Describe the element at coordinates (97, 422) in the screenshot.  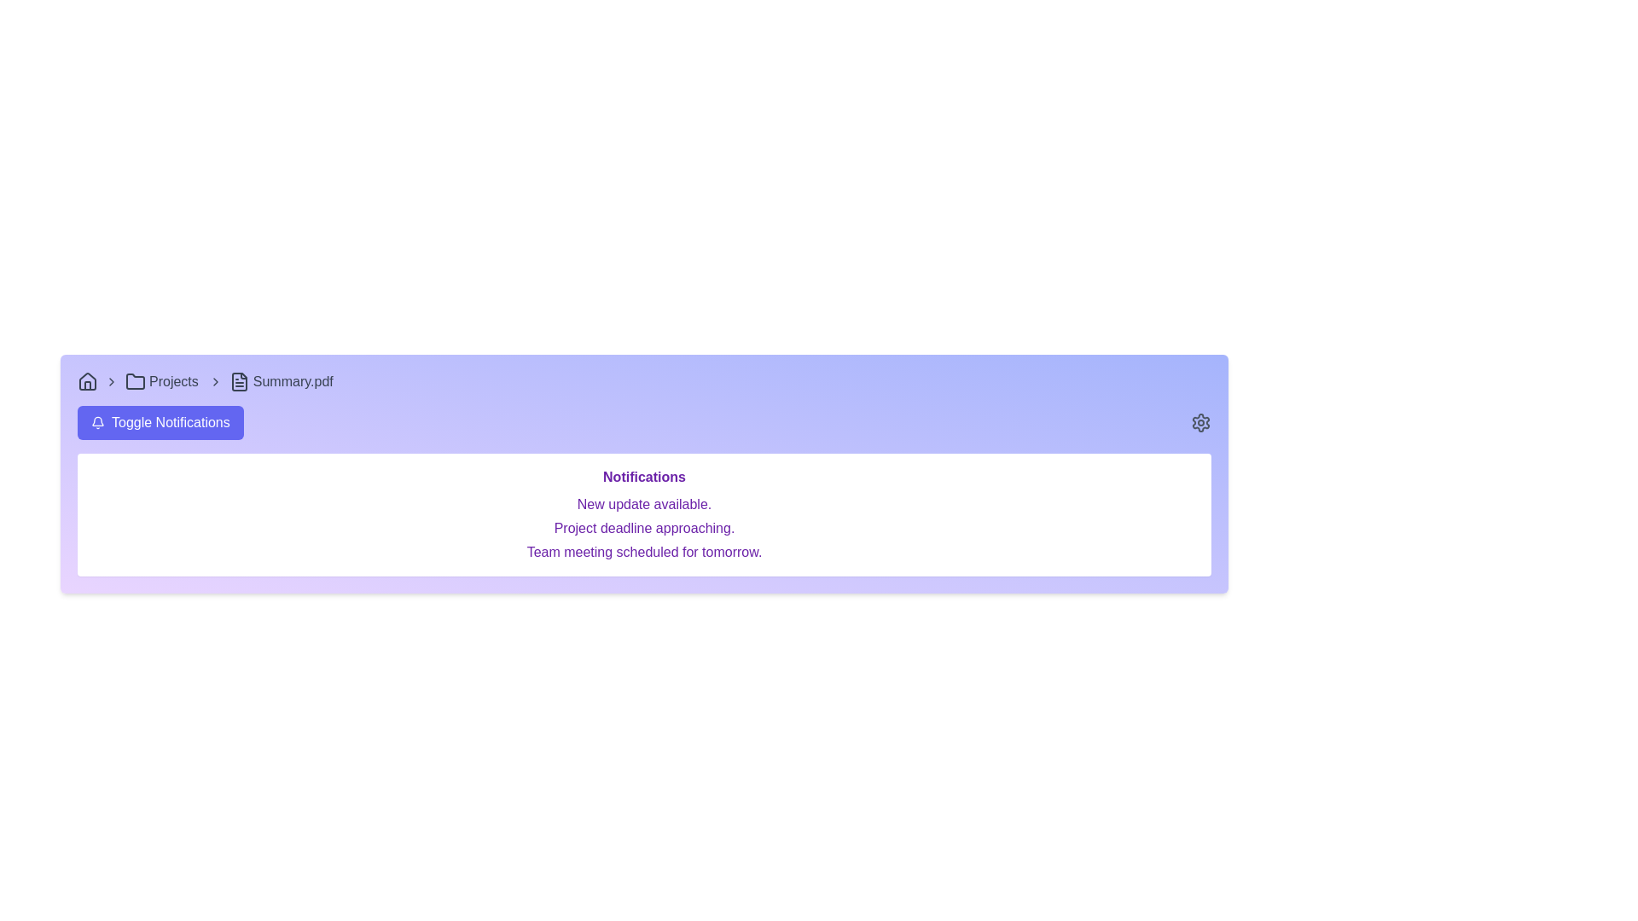
I see `the bell-shaped icon styled with a minimalist aesthetic, which serves as a visual indicator of notifications, located within the 'Toggle Notifications' button` at that location.